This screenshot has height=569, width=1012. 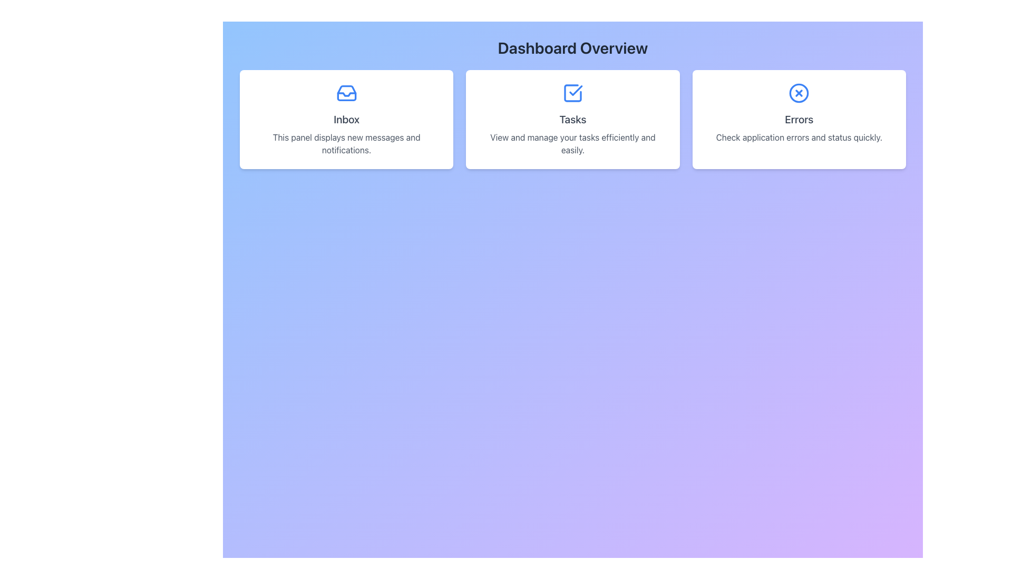 I want to click on the task completion icon located at the topmost position within the white card labeled 'Tasks', directly above the text 'Tasks', under the 'Dashboard Overview' heading, so click(x=571, y=93).